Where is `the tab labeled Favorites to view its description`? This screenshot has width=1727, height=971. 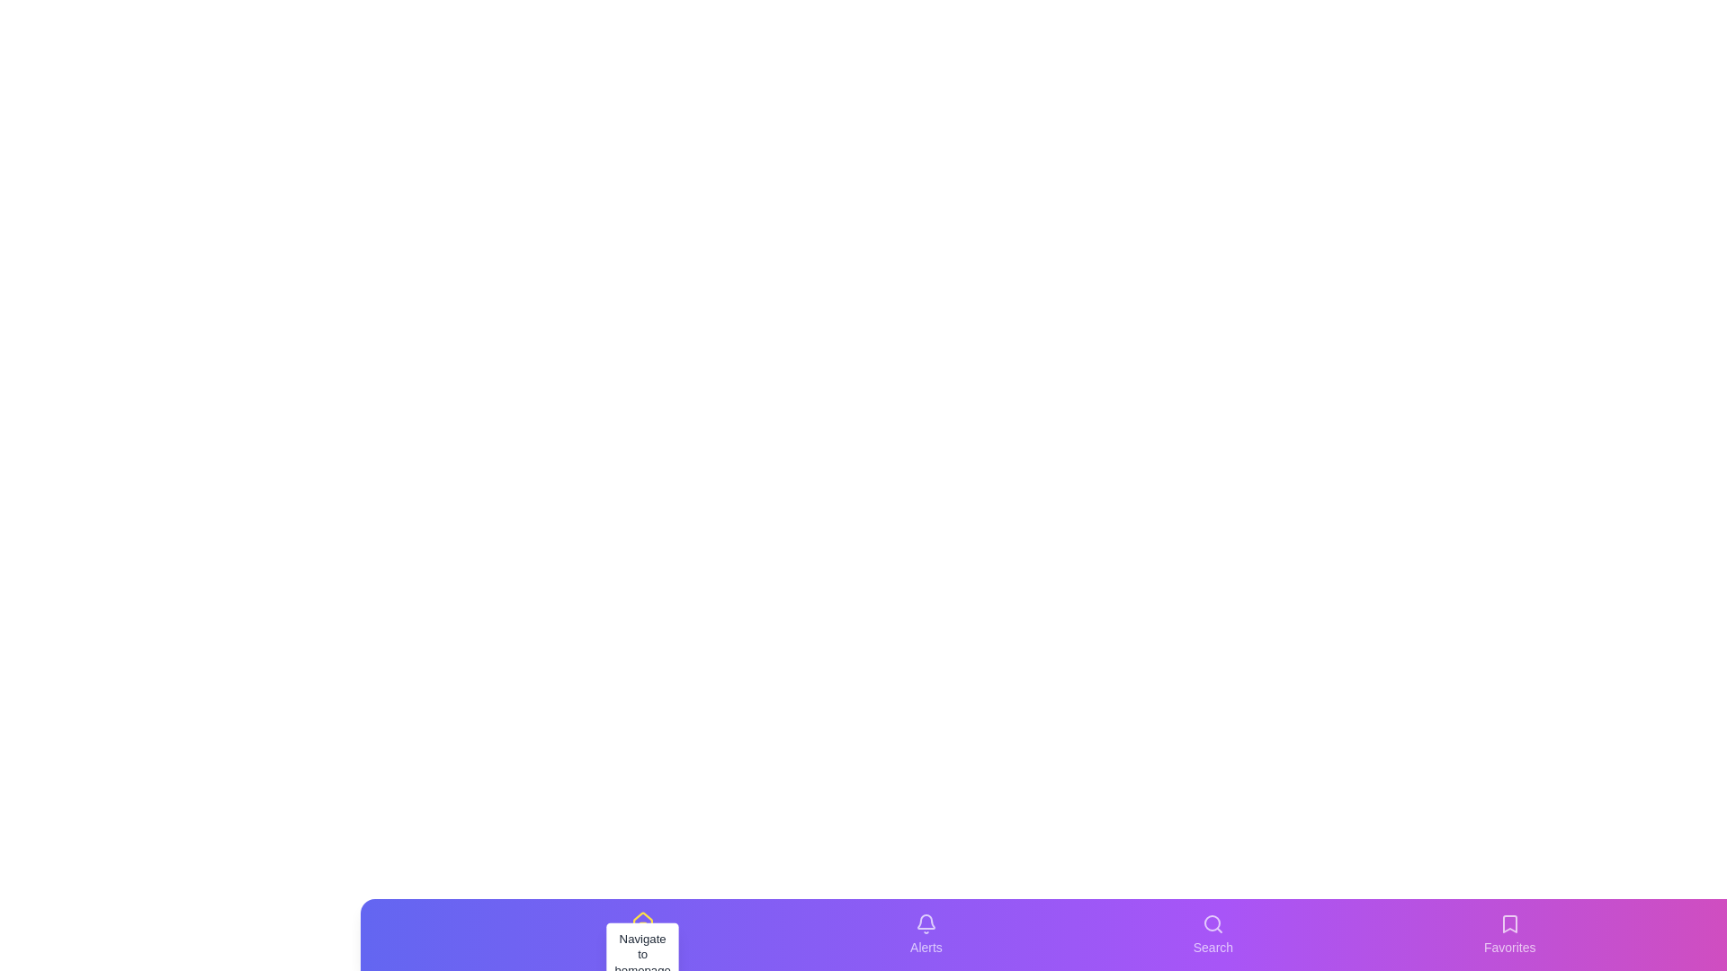 the tab labeled Favorites to view its description is located at coordinates (1509, 934).